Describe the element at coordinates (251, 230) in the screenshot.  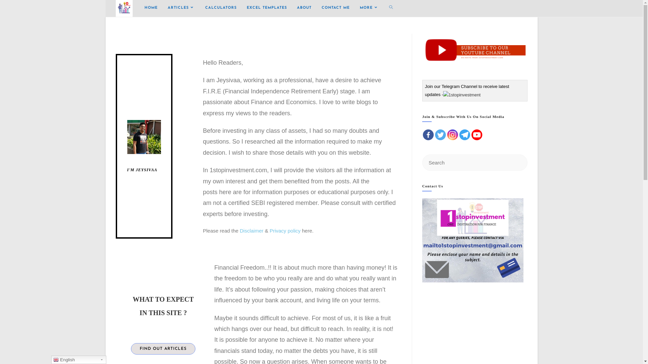
I see `'Disclaimer'` at that location.